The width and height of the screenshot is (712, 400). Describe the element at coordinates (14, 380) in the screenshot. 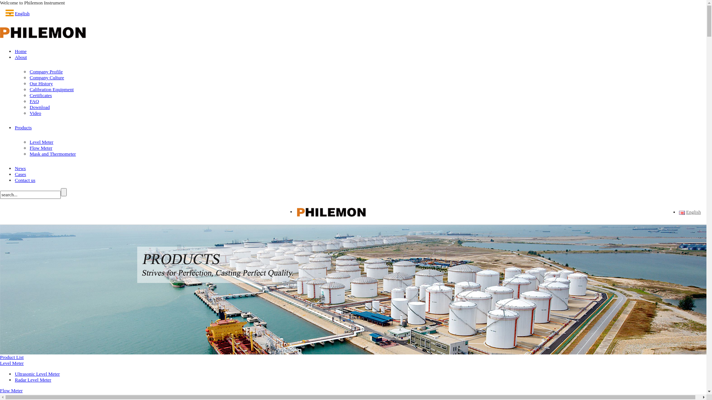

I see `'Radar Level Meter'` at that location.